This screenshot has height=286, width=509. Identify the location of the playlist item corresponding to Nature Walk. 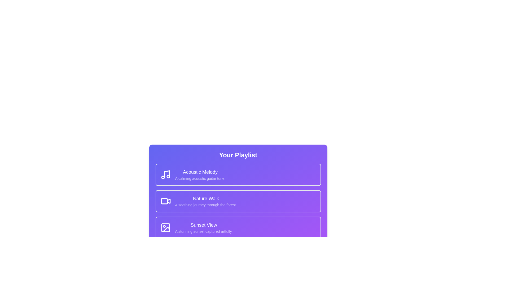
(238, 201).